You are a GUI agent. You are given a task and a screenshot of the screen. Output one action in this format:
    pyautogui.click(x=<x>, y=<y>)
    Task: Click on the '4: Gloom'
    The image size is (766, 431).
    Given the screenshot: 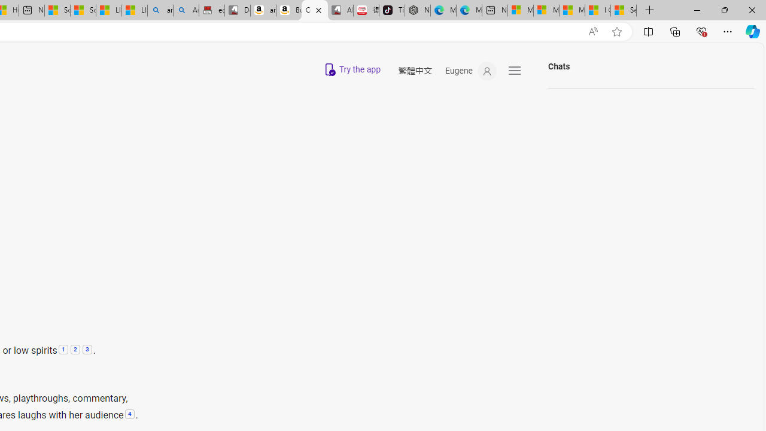 What is the action you would take?
    pyautogui.click(x=129, y=414)
    